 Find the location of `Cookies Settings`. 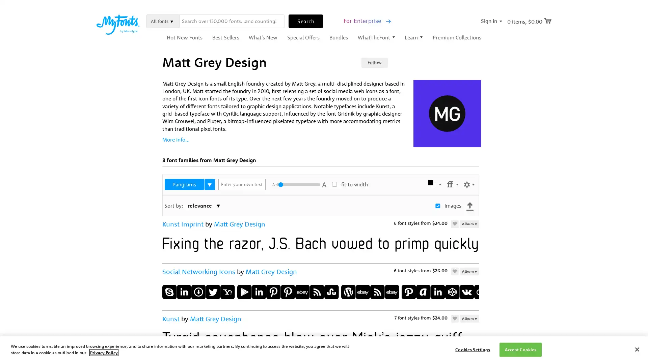

Cookies Settings is located at coordinates (472, 349).